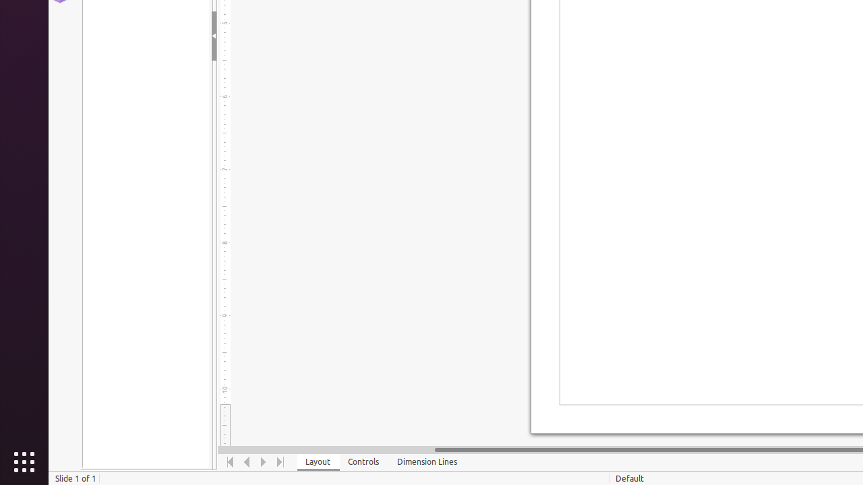  What do you see at coordinates (24, 461) in the screenshot?
I see `'Show Applications'` at bounding box center [24, 461].